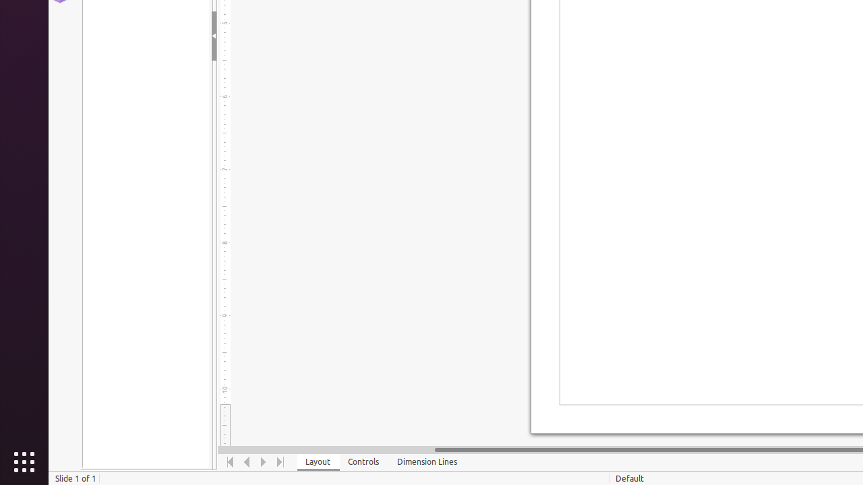  What do you see at coordinates (24, 461) in the screenshot?
I see `'Show Applications'` at bounding box center [24, 461].